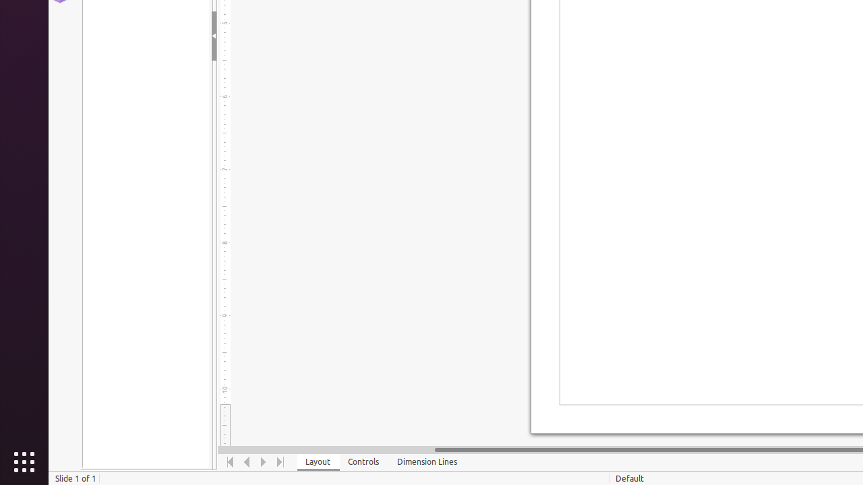  What do you see at coordinates (24, 461) in the screenshot?
I see `'Show Applications'` at bounding box center [24, 461].